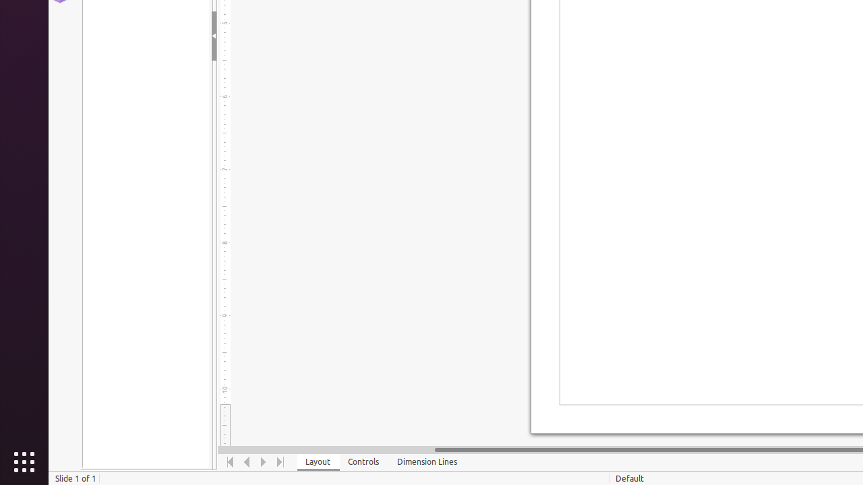  What do you see at coordinates (24, 461) in the screenshot?
I see `'Show Applications'` at bounding box center [24, 461].